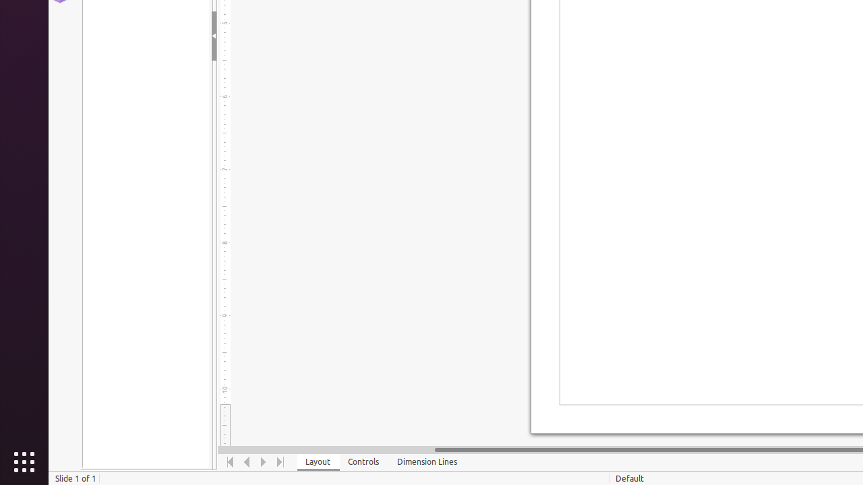  What do you see at coordinates (24, 461) in the screenshot?
I see `'Show Applications'` at bounding box center [24, 461].